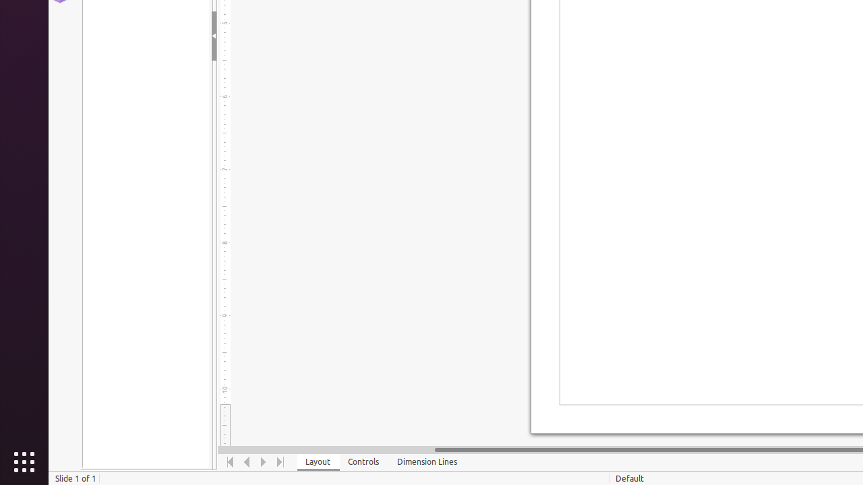  What do you see at coordinates (24, 461) in the screenshot?
I see `'Show Applications'` at bounding box center [24, 461].